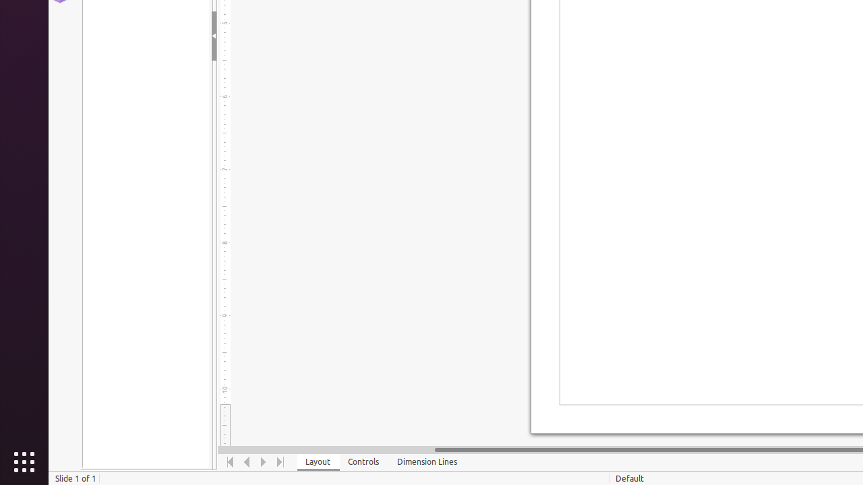  What do you see at coordinates (24, 461) in the screenshot?
I see `'Show Applications'` at bounding box center [24, 461].